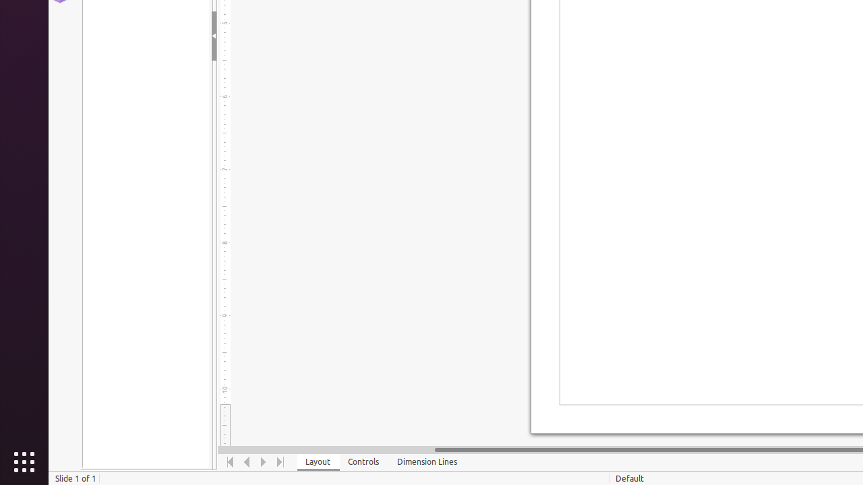  What do you see at coordinates (24, 461) in the screenshot?
I see `'Show Applications'` at bounding box center [24, 461].